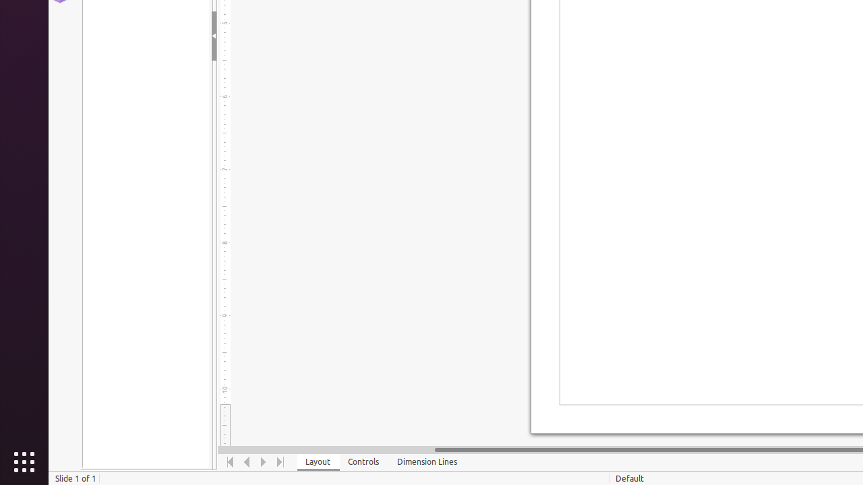  What do you see at coordinates (24, 461) in the screenshot?
I see `'Show Applications'` at bounding box center [24, 461].